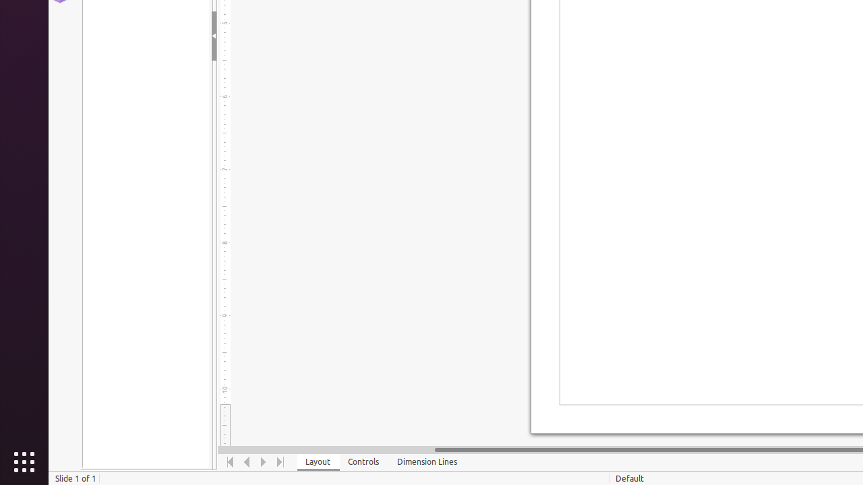  What do you see at coordinates (24, 461) in the screenshot?
I see `'Show Applications'` at bounding box center [24, 461].